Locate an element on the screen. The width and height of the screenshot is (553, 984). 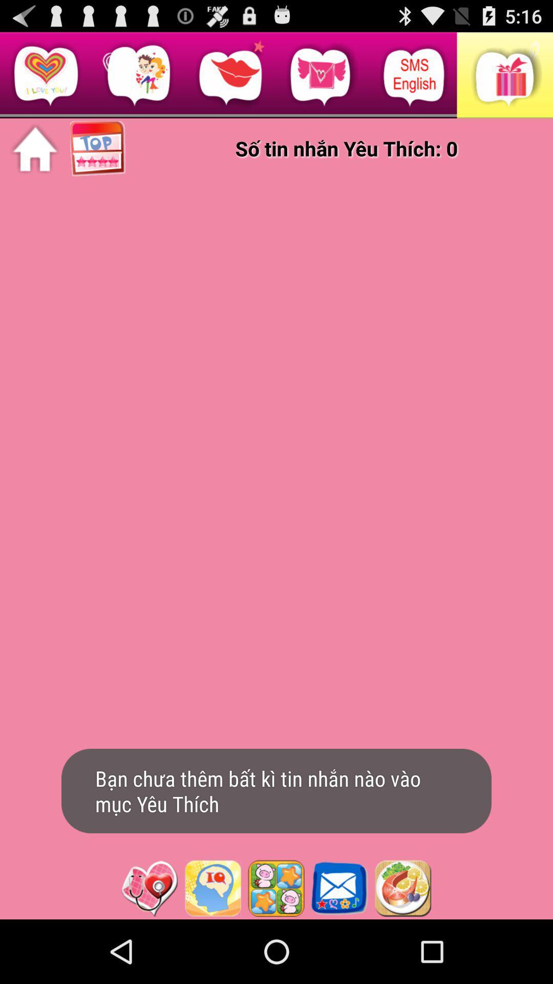
home page is located at coordinates (34, 149).